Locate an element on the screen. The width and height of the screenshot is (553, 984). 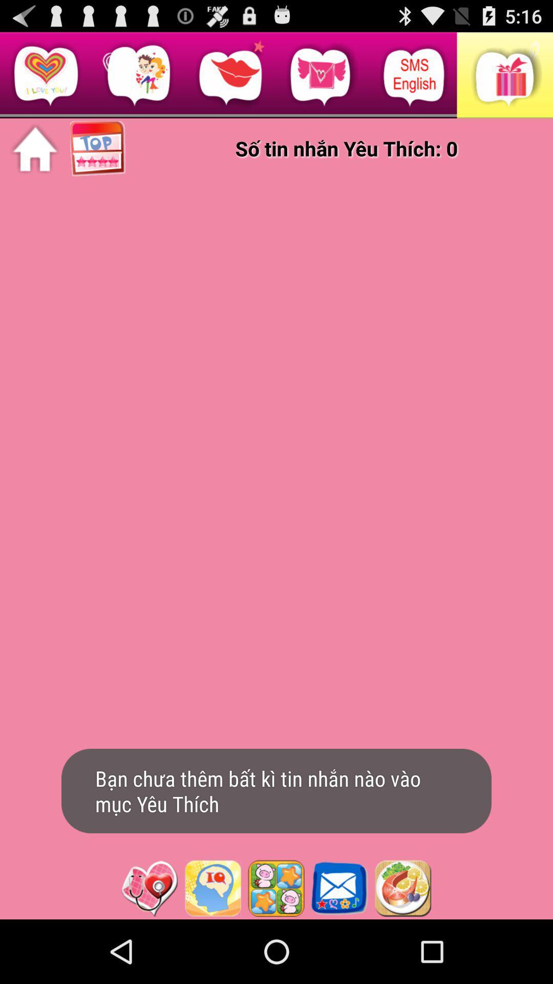
home page is located at coordinates (34, 149).